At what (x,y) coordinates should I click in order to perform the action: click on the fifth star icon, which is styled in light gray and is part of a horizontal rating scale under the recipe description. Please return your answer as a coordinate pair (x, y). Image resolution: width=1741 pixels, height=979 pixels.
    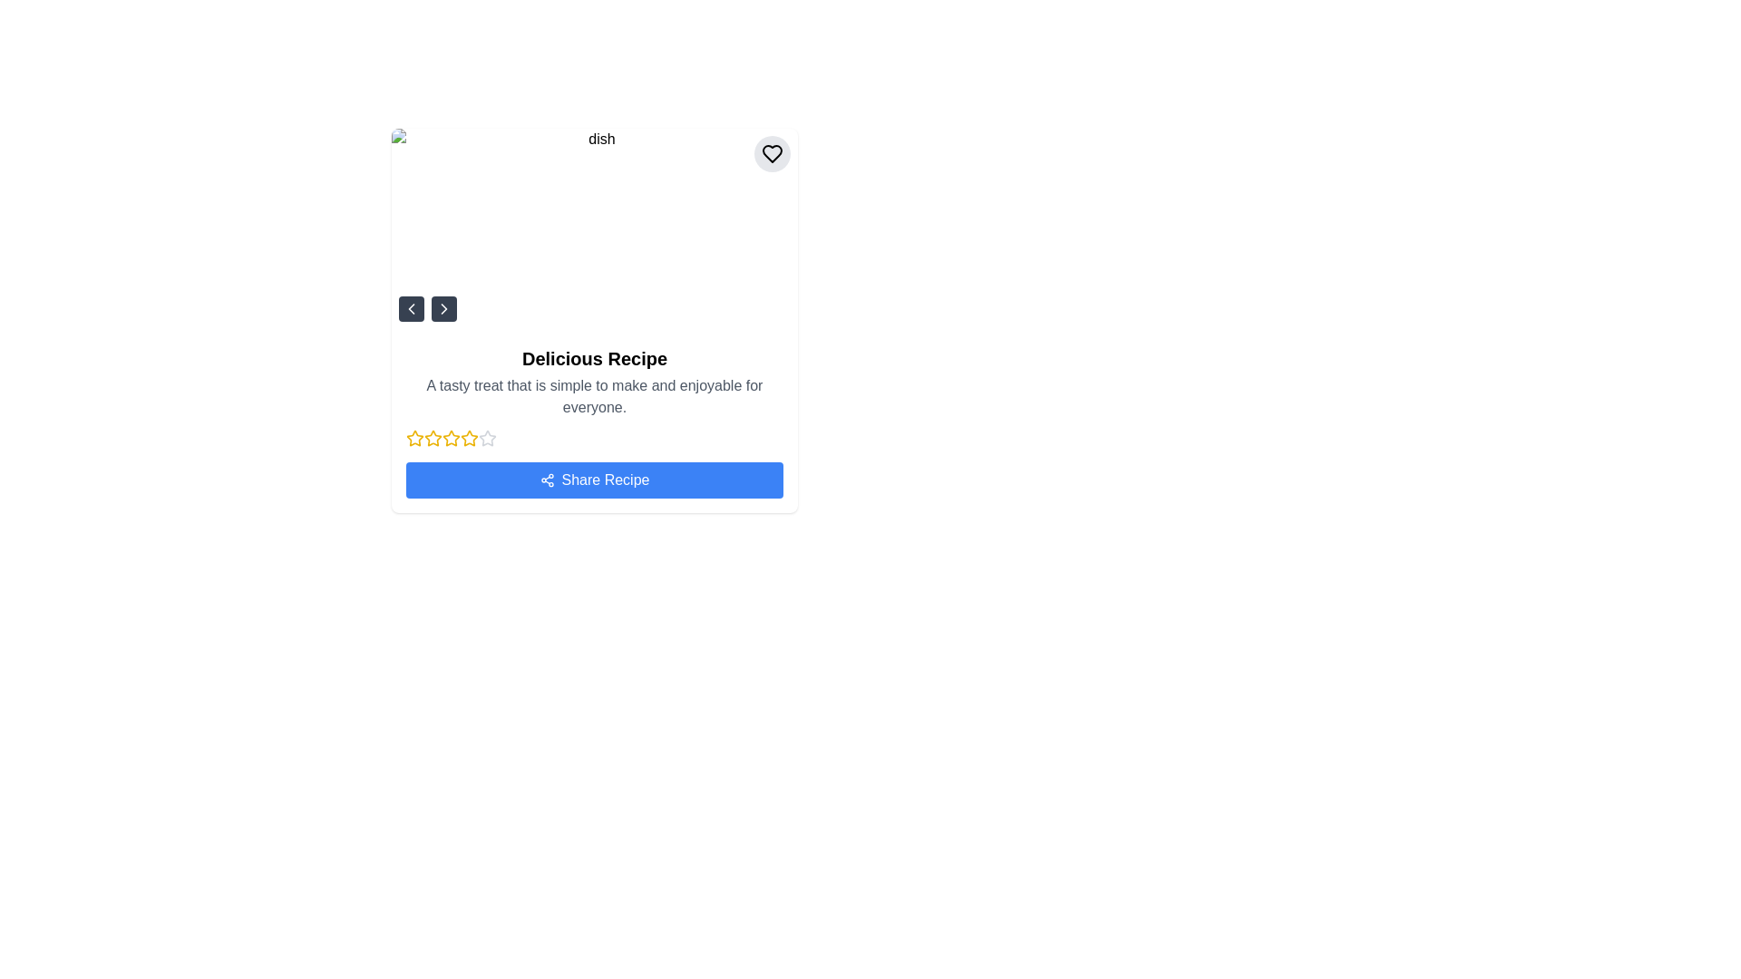
    Looking at the image, I should click on (487, 438).